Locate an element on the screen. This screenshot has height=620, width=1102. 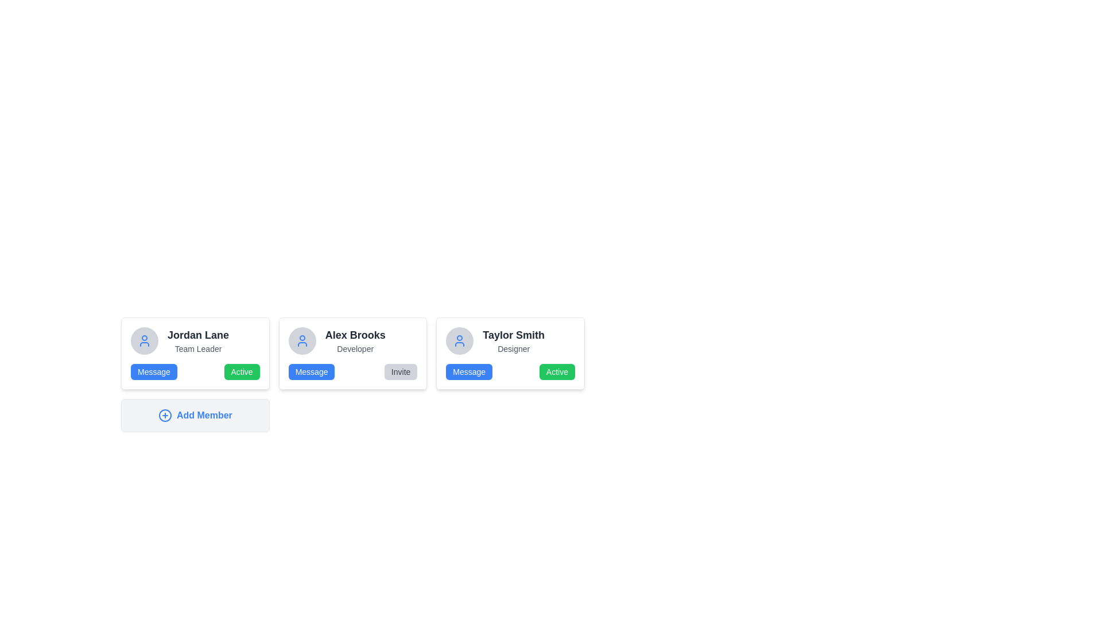
the user profile icon representing 'Jordan Lane', which is styled with a circular head and a semi-circular body outline, located at the top of the leftmost user card is located at coordinates (302, 340).